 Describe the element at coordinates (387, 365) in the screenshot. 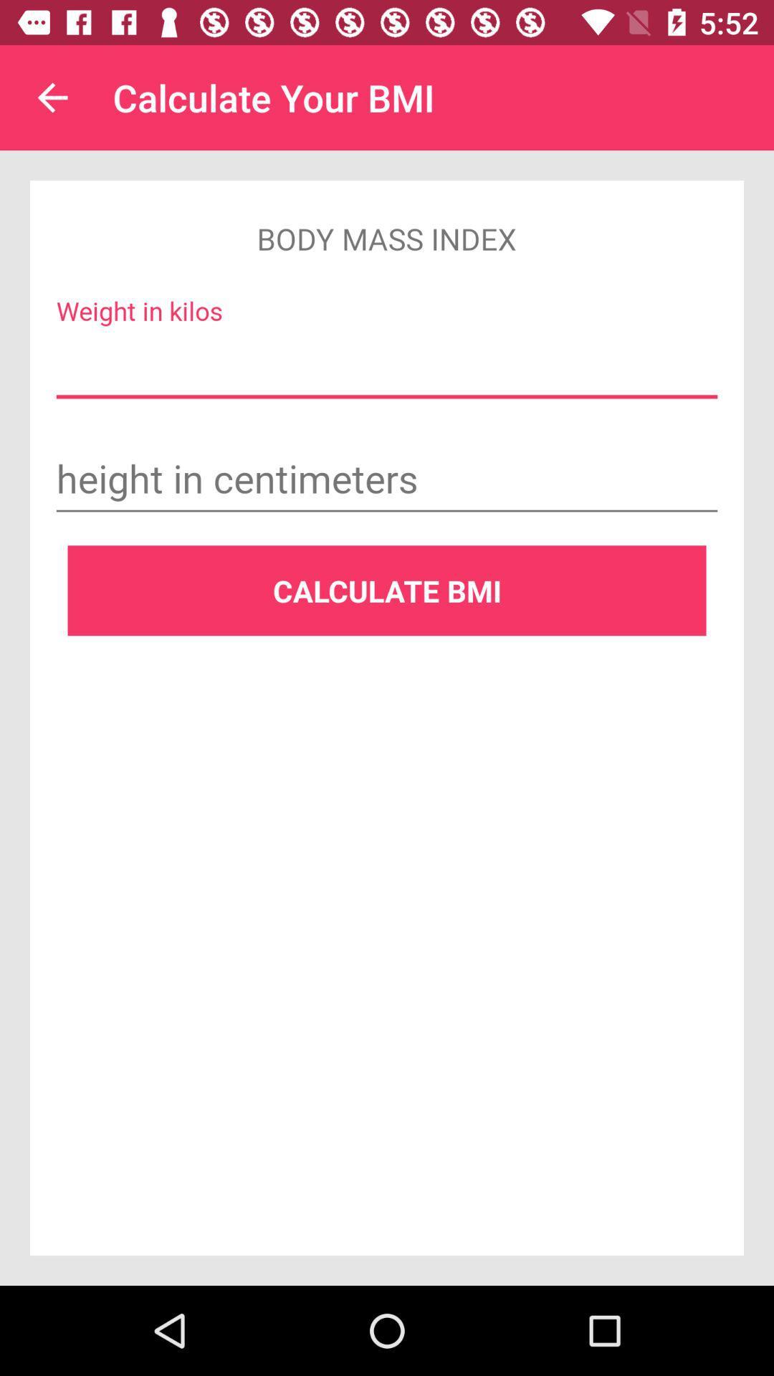

I see `weight in kilos` at that location.